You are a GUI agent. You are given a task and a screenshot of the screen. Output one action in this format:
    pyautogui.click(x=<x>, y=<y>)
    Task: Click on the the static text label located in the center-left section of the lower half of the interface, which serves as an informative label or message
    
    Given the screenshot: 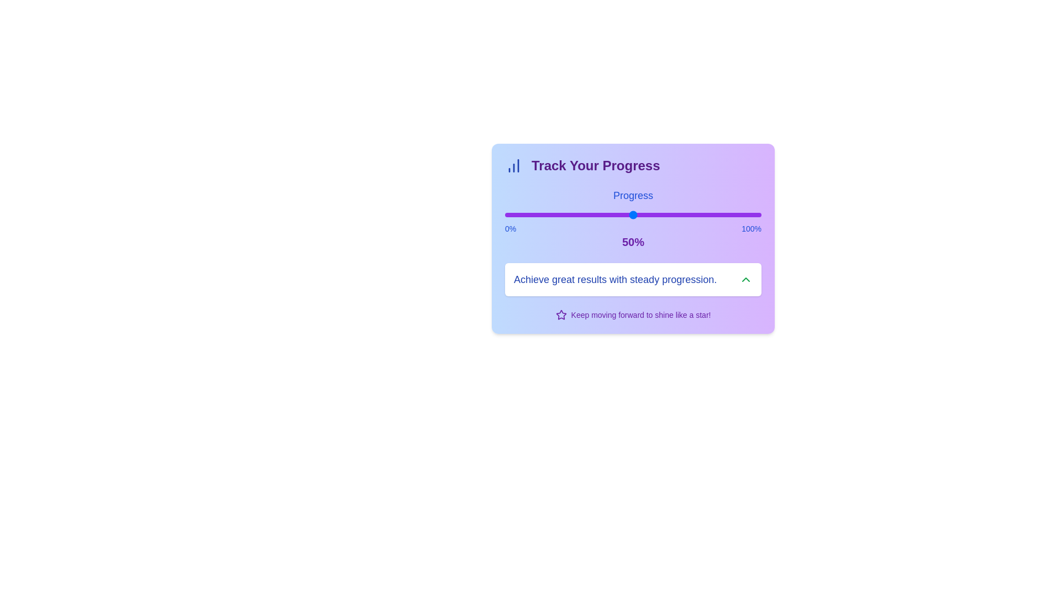 What is the action you would take?
    pyautogui.click(x=614, y=279)
    